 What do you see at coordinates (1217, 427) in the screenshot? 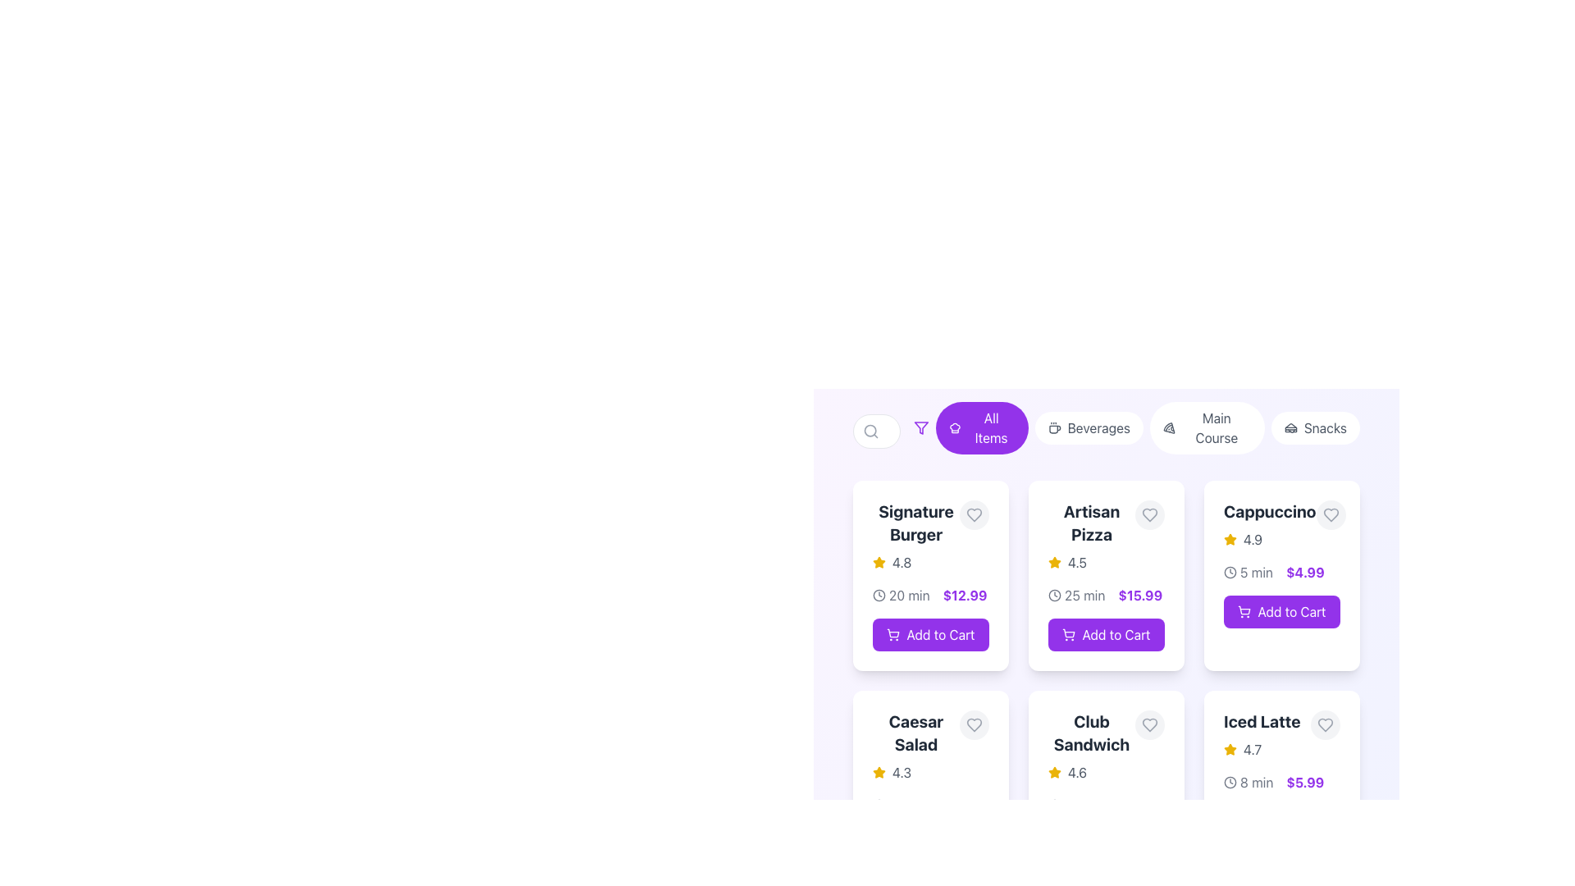
I see `the text label displaying 'Main Course' located in the navigation section at the top of the interface` at bounding box center [1217, 427].